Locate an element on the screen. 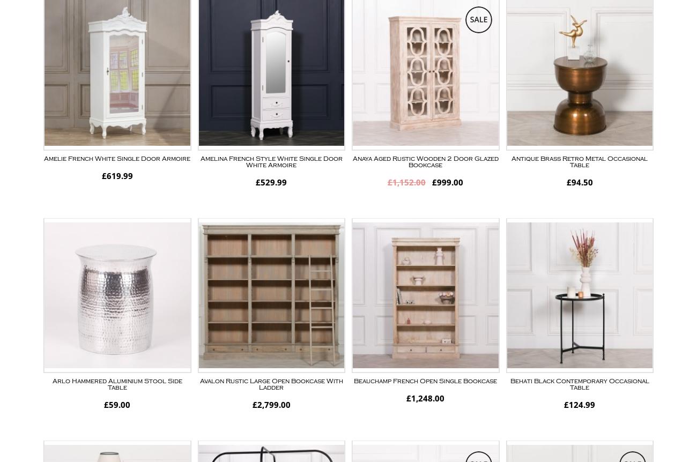 The height and width of the screenshot is (462, 697). '999.00' is located at coordinates (450, 182).